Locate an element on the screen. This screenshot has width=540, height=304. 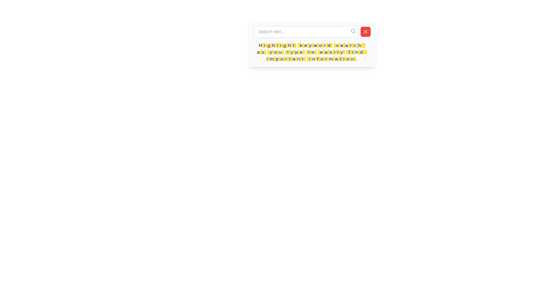
the small rectangular yellow highlight in the text that is part of a series of highlights, located near the phrase 'Highlight keyword search as you type to easily find important information.' is located at coordinates (304, 59).